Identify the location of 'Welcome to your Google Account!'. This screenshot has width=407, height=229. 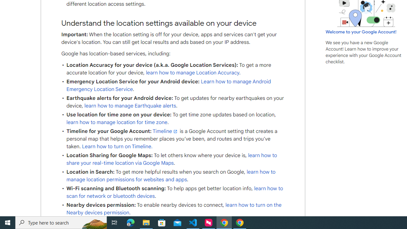
(361, 31).